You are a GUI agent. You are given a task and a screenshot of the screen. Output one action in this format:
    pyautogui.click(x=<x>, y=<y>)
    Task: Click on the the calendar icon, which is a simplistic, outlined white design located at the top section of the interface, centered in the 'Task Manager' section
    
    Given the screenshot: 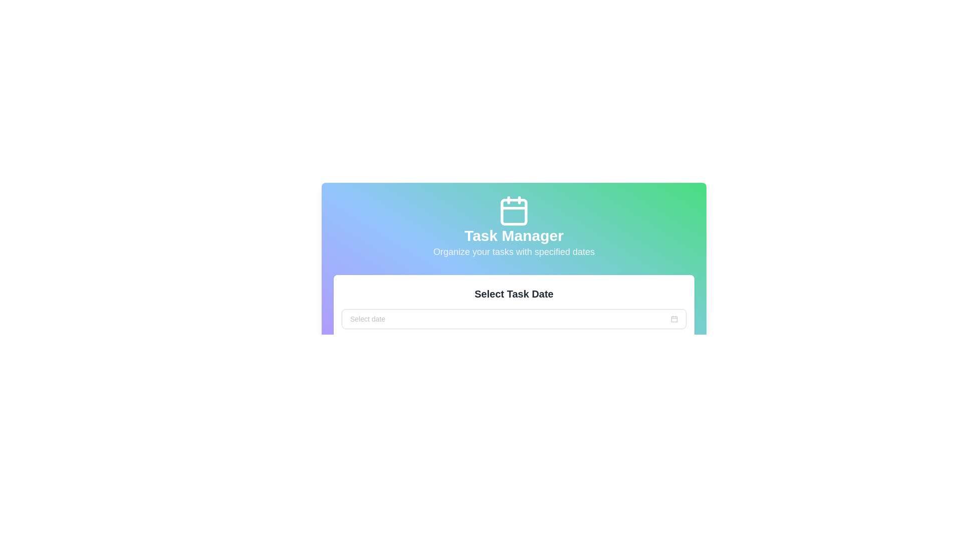 What is the action you would take?
    pyautogui.click(x=514, y=210)
    